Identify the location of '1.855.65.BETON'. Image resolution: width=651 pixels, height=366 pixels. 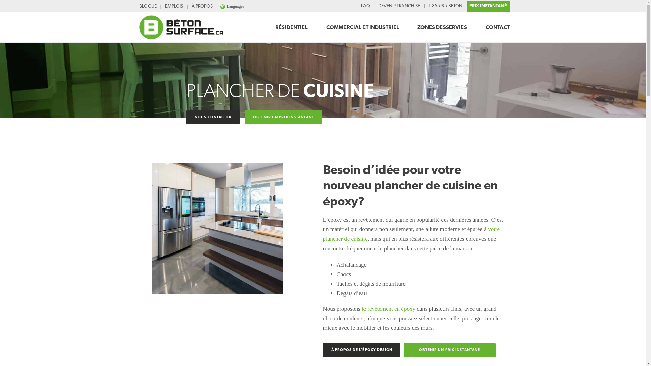
(426, 6).